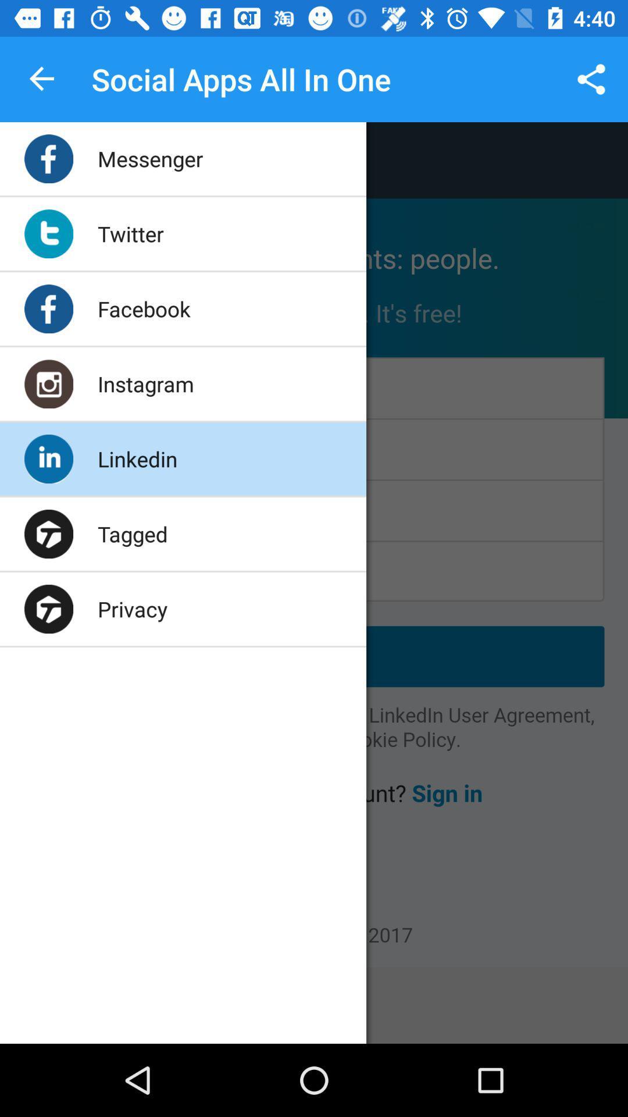 The width and height of the screenshot is (628, 1117). What do you see at coordinates (591, 79) in the screenshot?
I see `item at the top right corner` at bounding box center [591, 79].